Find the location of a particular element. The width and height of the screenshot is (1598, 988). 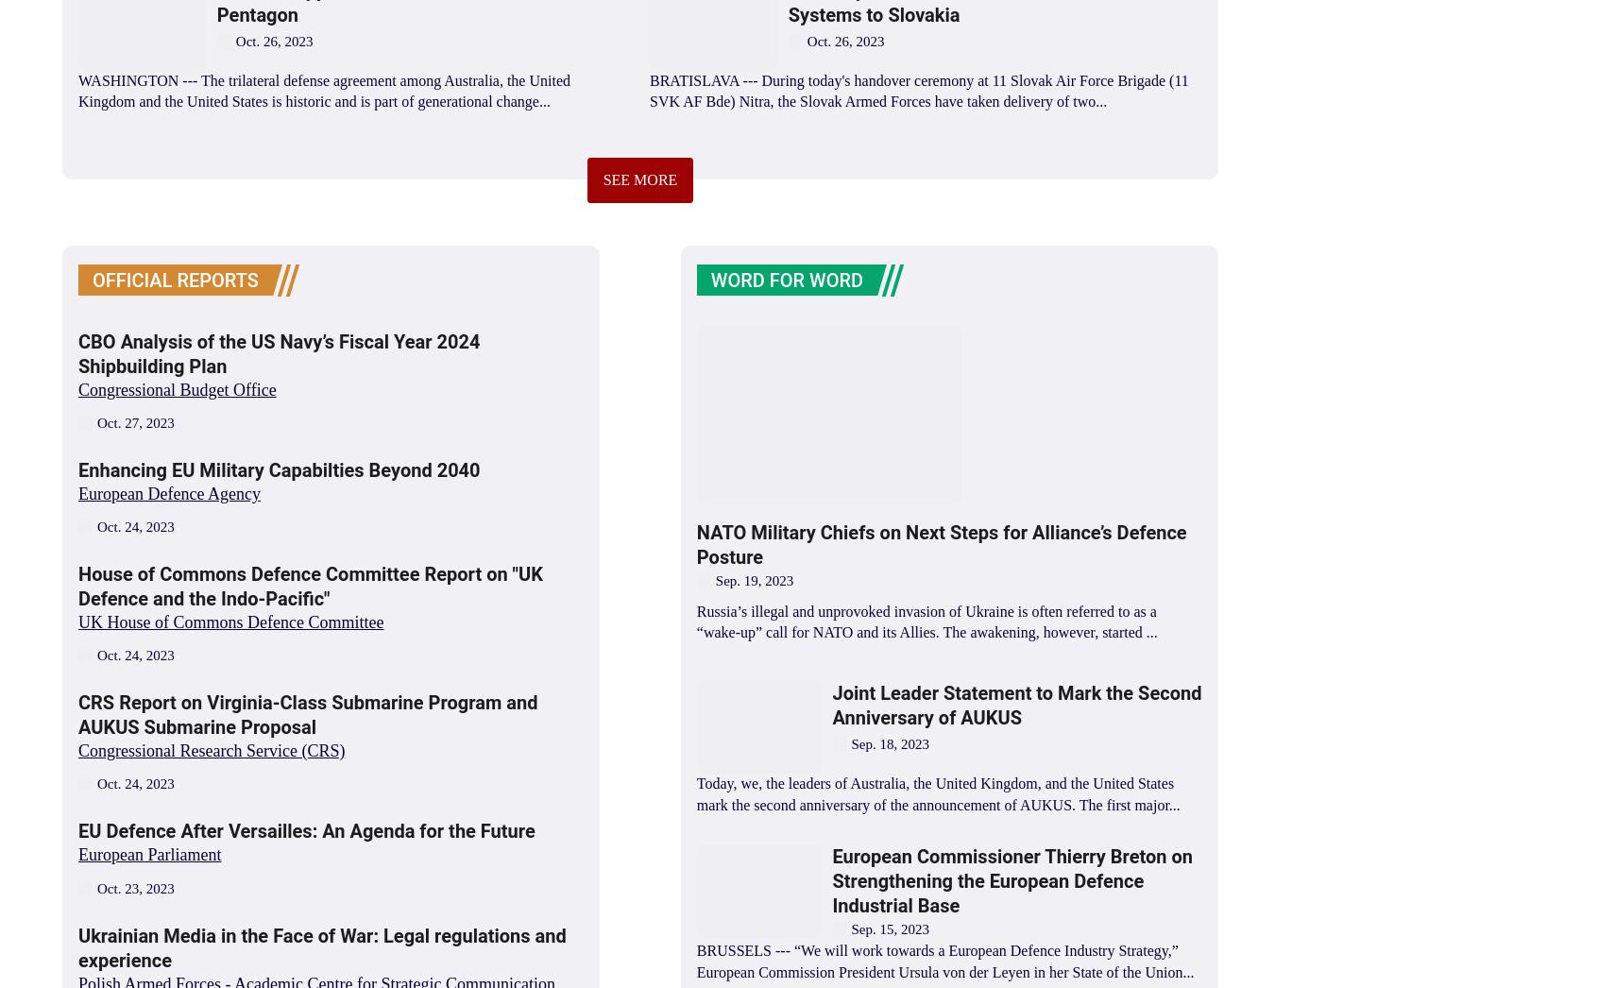

'BRUSSELS --- “We will work towards a European Defence Industry Strategy,” European Commission President Ursula von der Leyen in her State of the Union...' is located at coordinates (943, 961).